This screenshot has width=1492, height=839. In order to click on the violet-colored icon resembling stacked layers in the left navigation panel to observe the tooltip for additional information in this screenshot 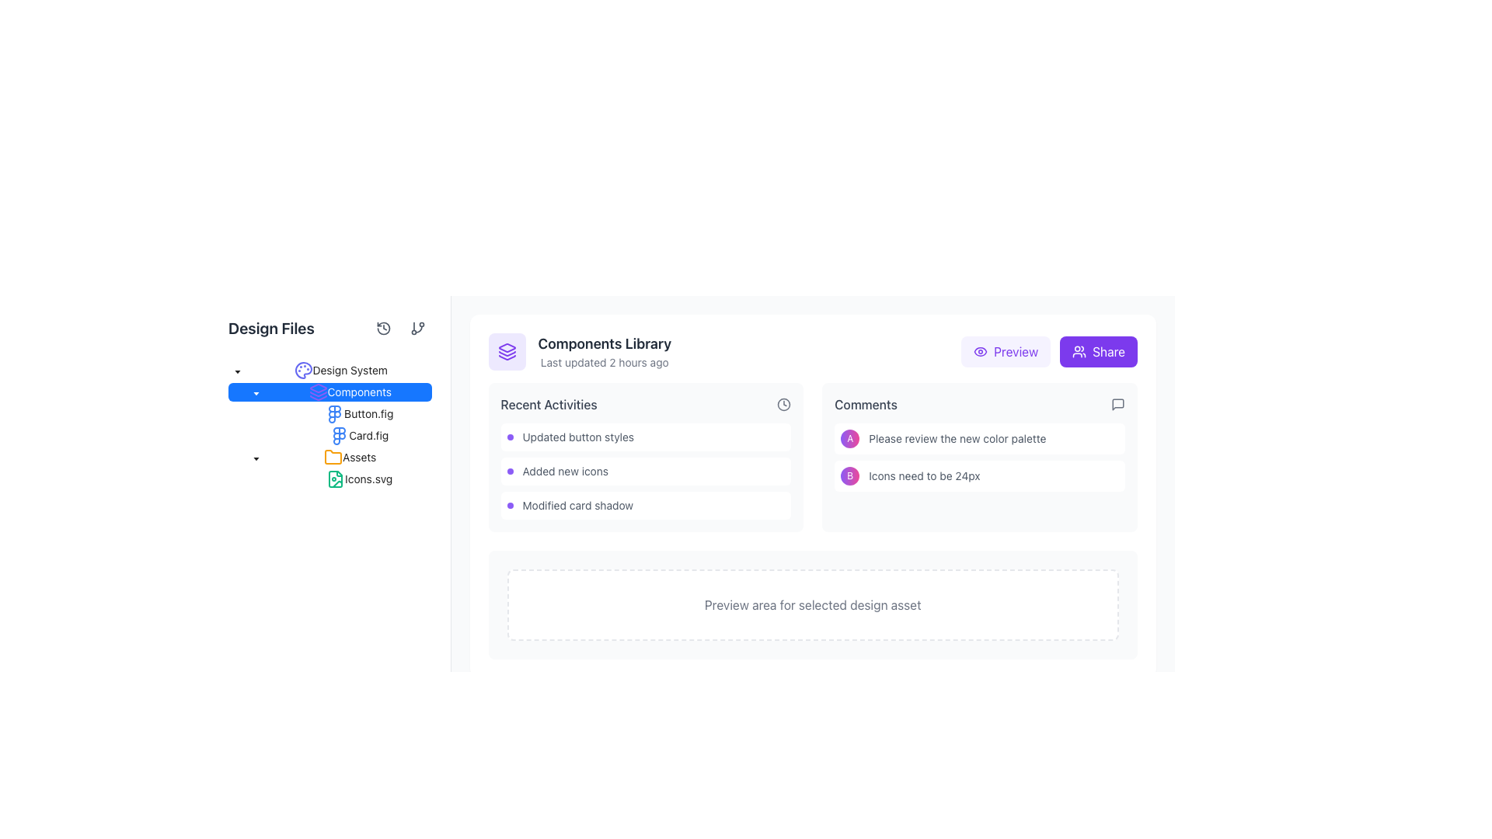, I will do `click(317, 392)`.